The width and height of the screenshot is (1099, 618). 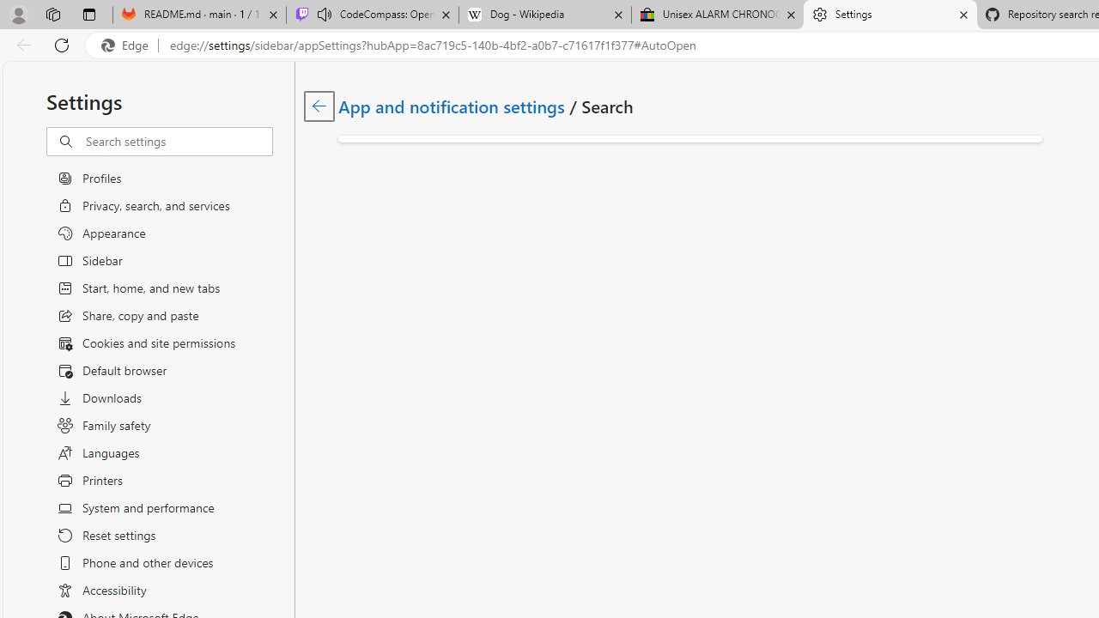 I want to click on 'Class: c01177', so click(x=319, y=106).